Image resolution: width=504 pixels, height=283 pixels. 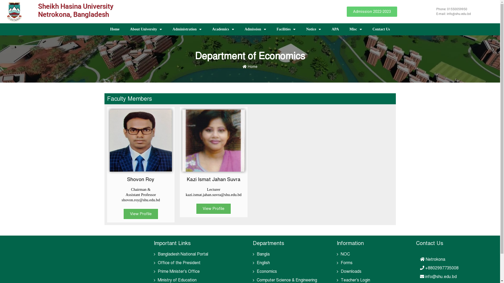 What do you see at coordinates (179, 263) in the screenshot?
I see `'Office of the President'` at bounding box center [179, 263].